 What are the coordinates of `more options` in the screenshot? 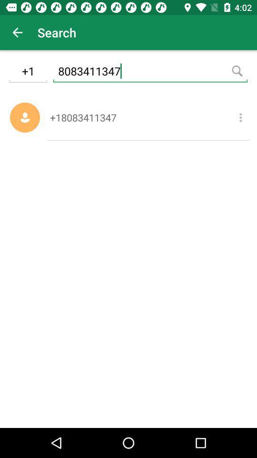 It's located at (240, 117).